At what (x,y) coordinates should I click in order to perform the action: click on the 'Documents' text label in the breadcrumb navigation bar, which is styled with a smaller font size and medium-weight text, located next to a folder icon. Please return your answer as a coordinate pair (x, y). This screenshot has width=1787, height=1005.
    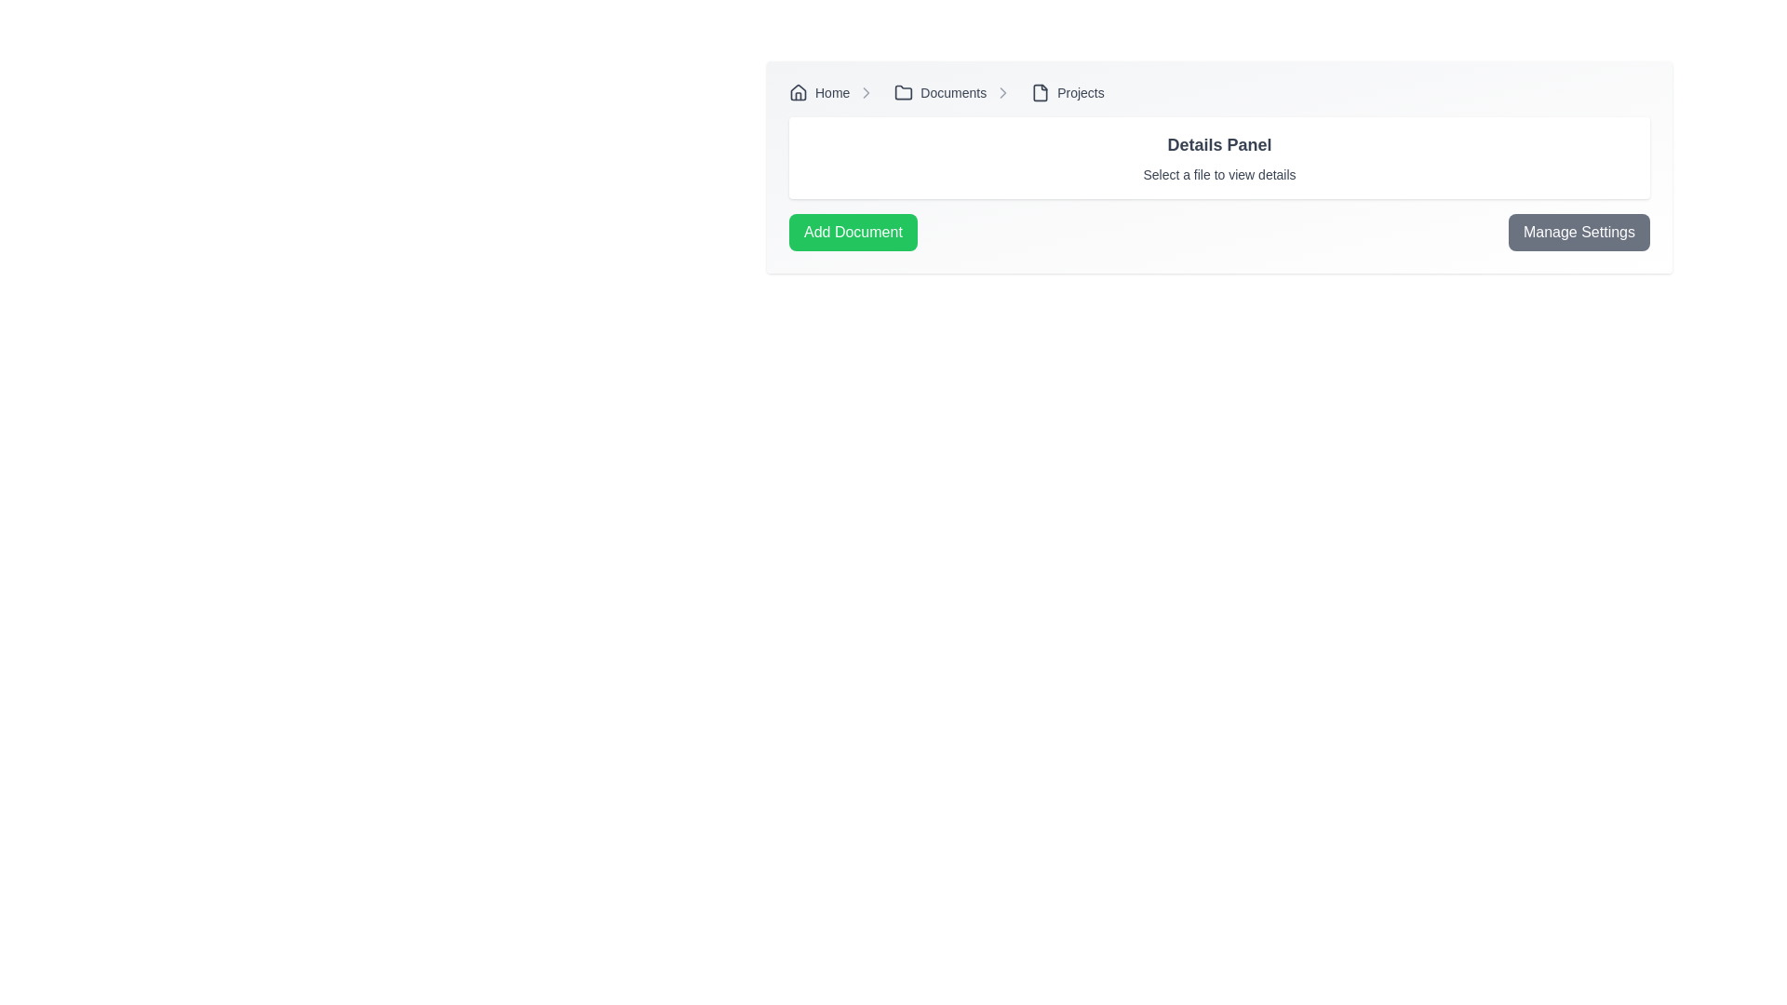
    Looking at the image, I should click on (953, 93).